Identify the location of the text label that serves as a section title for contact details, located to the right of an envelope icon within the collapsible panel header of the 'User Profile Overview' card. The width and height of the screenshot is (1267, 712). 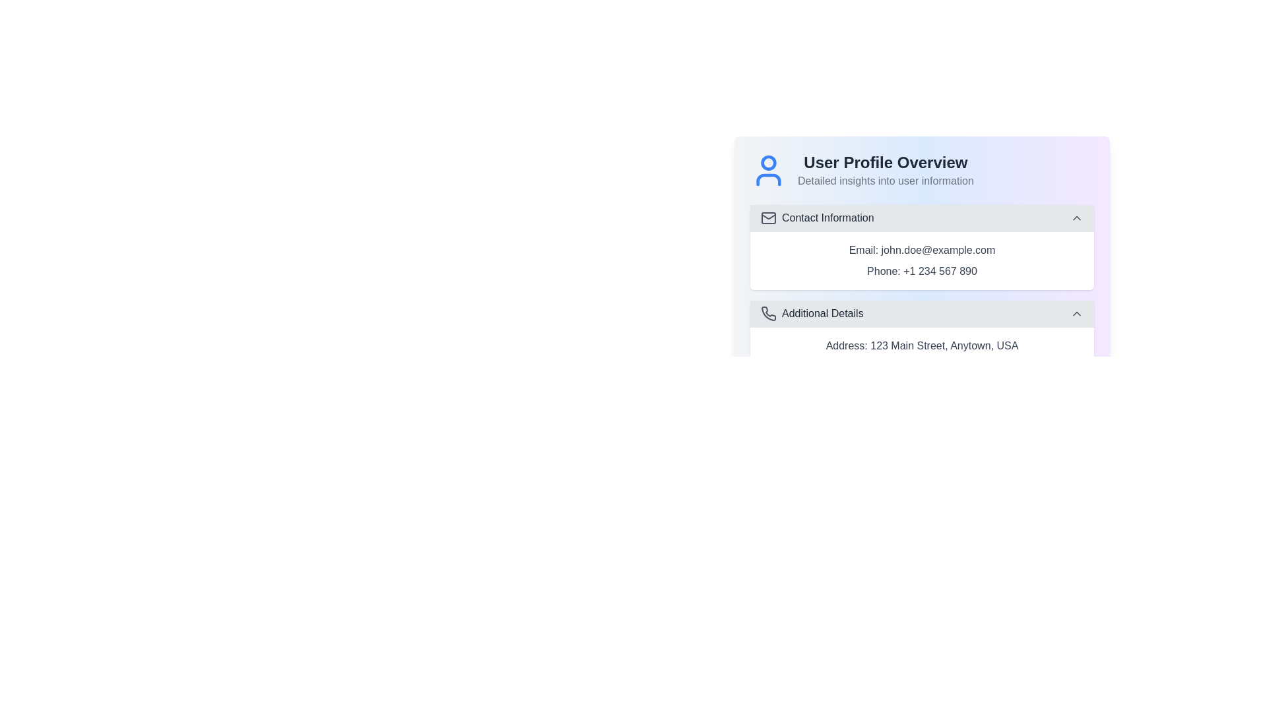
(827, 218).